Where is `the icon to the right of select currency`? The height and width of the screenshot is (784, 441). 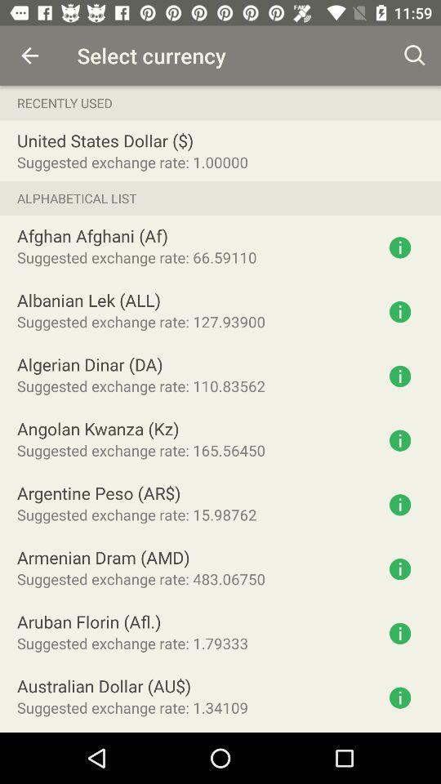 the icon to the right of select currency is located at coordinates (415, 56).